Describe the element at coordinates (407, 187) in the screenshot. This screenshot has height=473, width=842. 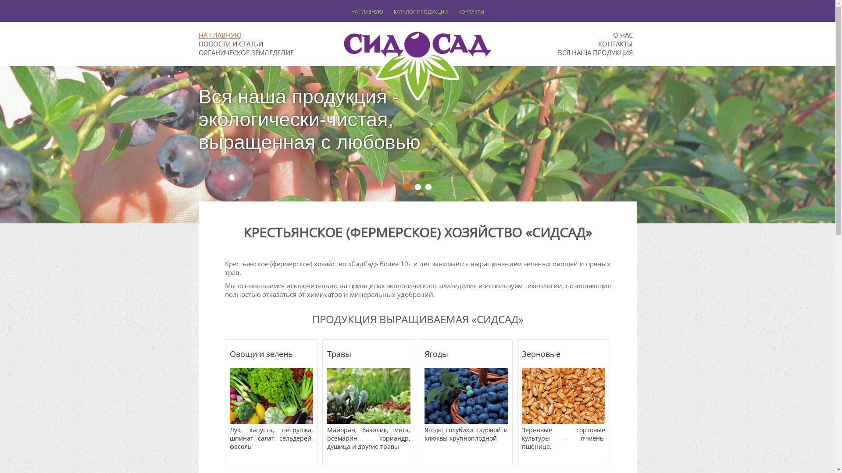
I see `'1'` at that location.